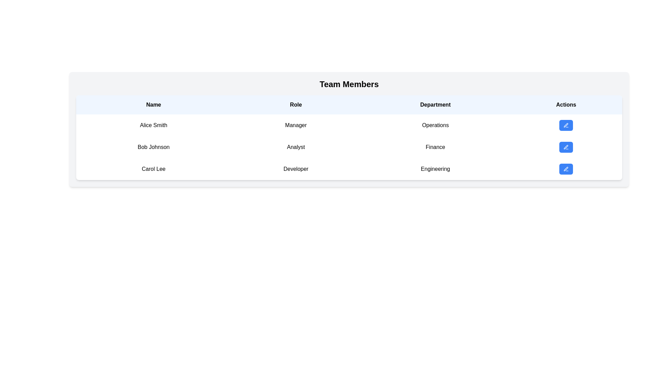 The height and width of the screenshot is (369, 656). Describe the element at coordinates (566, 169) in the screenshot. I see `the pen-crossed figure icon in the Actions column of the third row for 'Carol Lee'` at that location.